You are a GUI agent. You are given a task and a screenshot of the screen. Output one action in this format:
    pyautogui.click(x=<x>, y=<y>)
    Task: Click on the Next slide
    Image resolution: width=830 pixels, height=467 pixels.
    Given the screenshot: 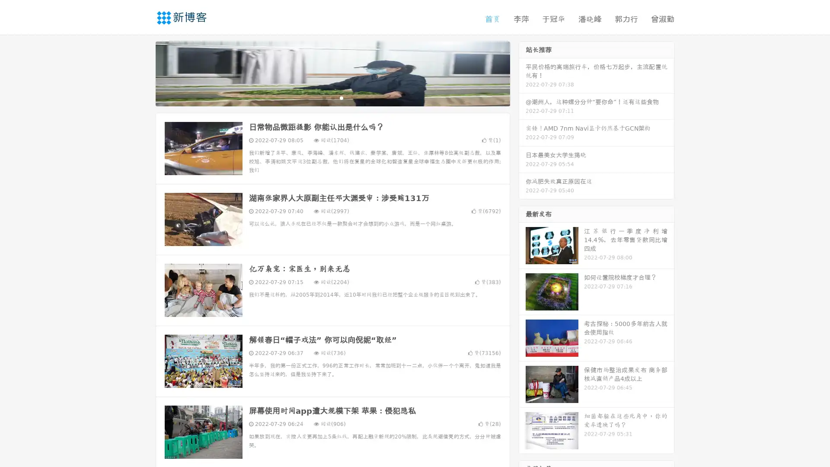 What is the action you would take?
    pyautogui.click(x=522, y=73)
    